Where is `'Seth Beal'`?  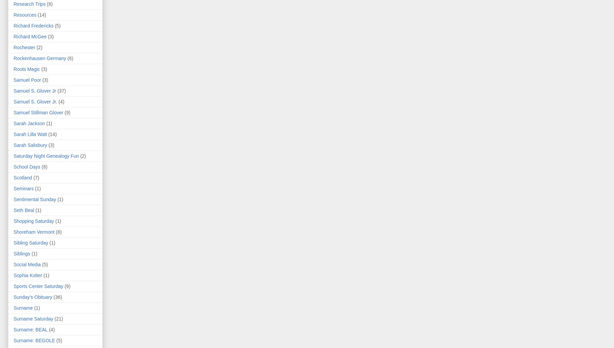
'Seth Beal' is located at coordinates (23, 210).